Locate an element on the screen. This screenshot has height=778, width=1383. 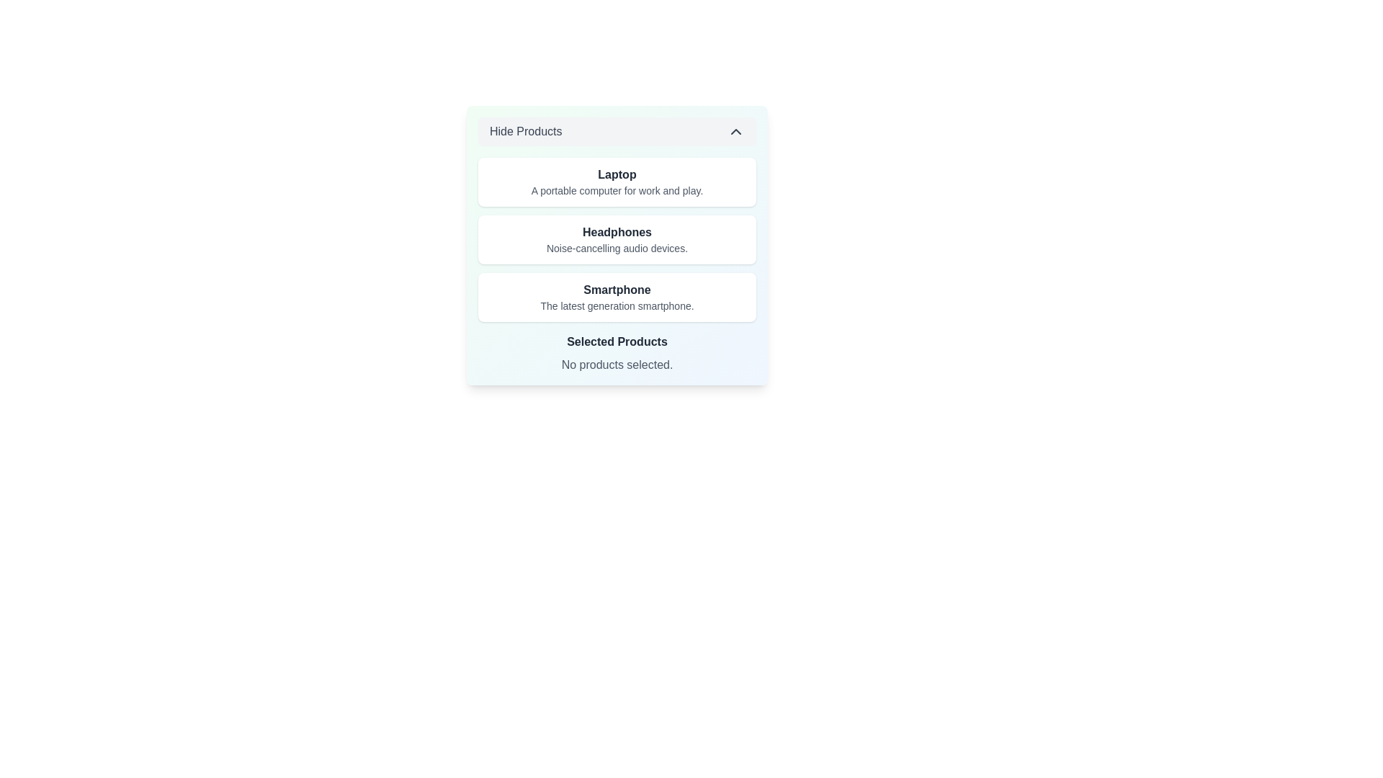
the selectable 'Headphones' card which is the second item in a vertical list of three cards, located between the 'Laptop' and 'Smartphone' cards is located at coordinates (617, 238).